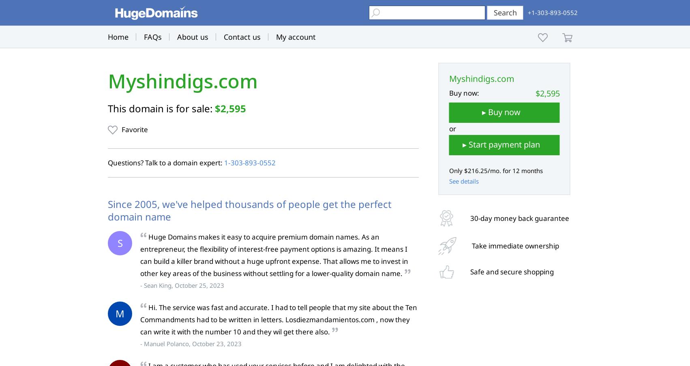 This screenshot has width=690, height=366. What do you see at coordinates (118, 37) in the screenshot?
I see `'Home'` at bounding box center [118, 37].